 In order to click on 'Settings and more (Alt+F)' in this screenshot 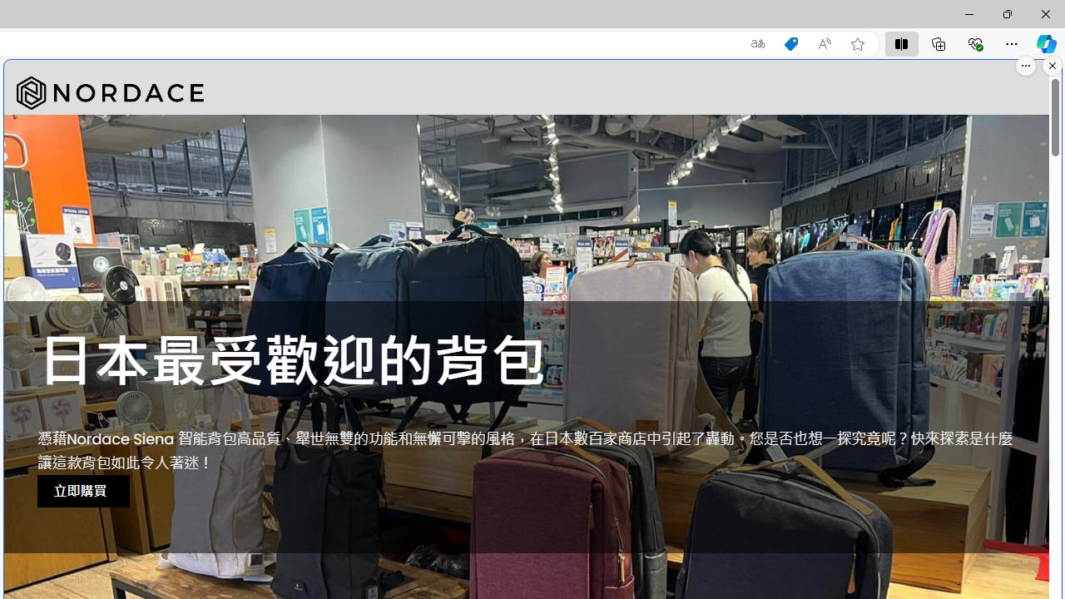, I will do `click(1011, 42)`.